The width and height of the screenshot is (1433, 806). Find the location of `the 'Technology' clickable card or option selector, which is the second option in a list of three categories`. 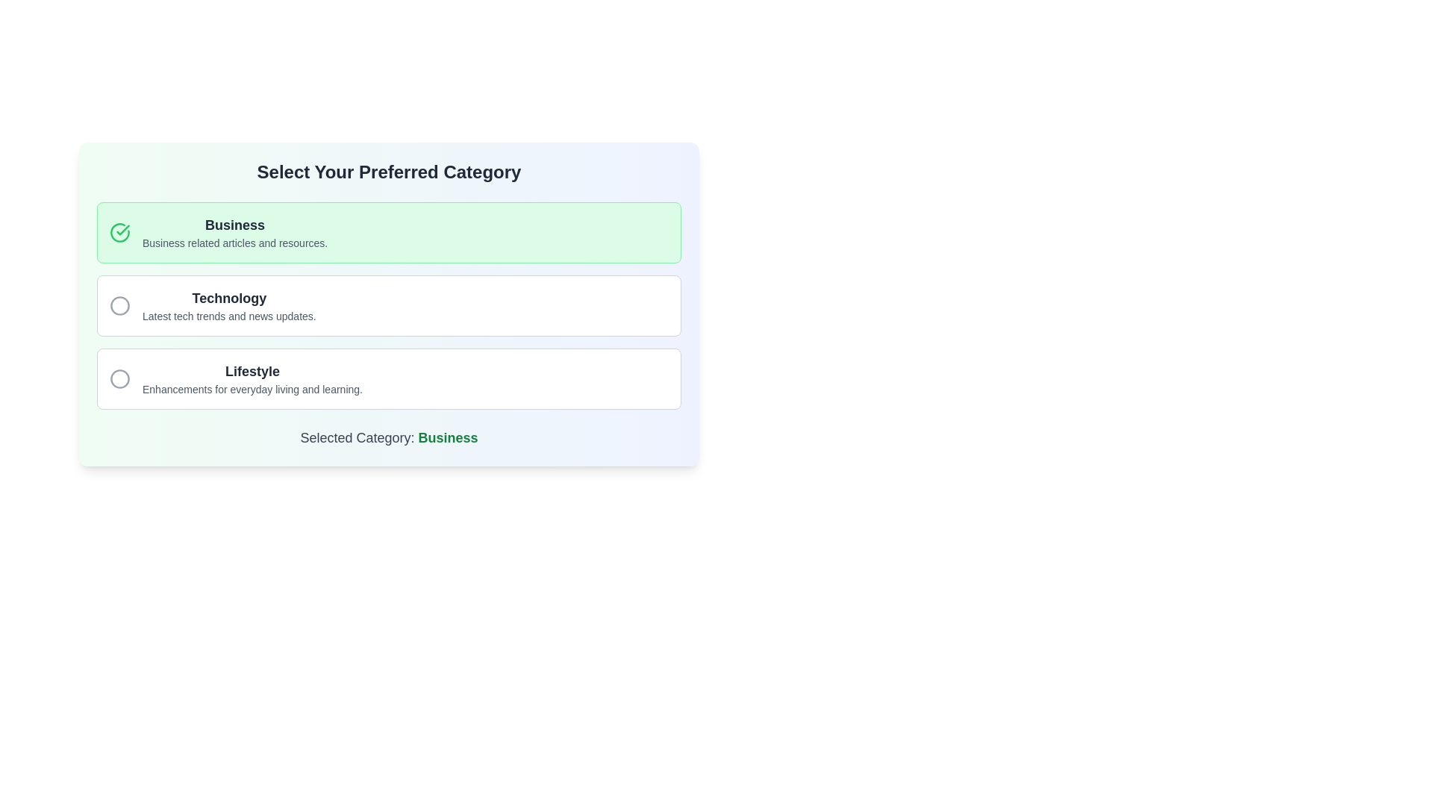

the 'Technology' clickable card or option selector, which is the second option in a list of three categories is located at coordinates (389, 304).